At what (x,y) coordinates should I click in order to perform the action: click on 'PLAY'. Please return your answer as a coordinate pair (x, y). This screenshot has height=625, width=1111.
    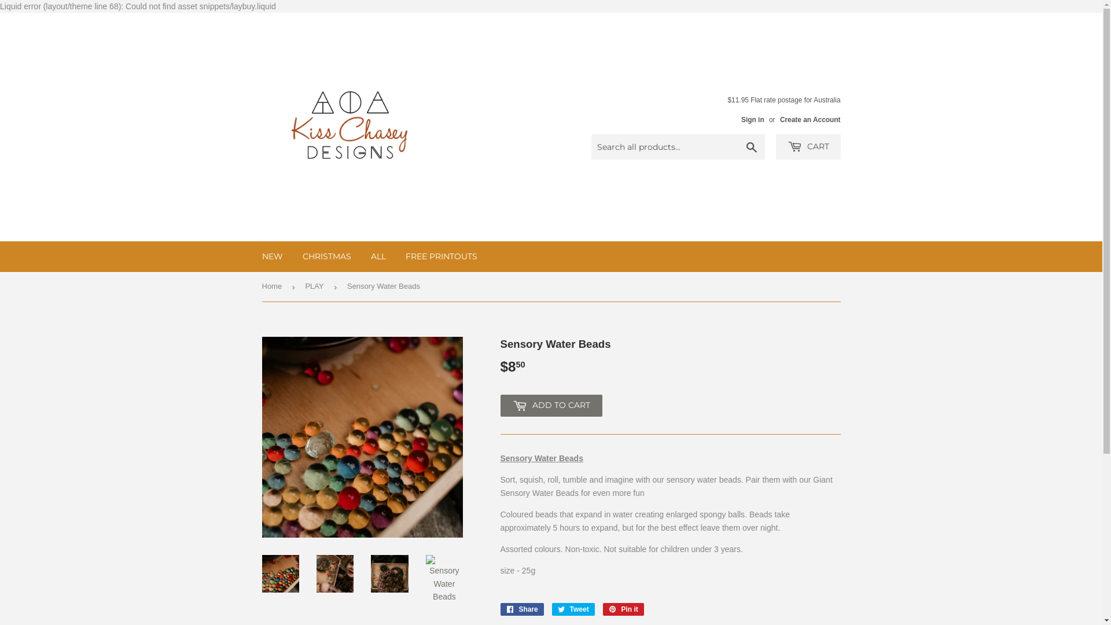
    Looking at the image, I should click on (305, 286).